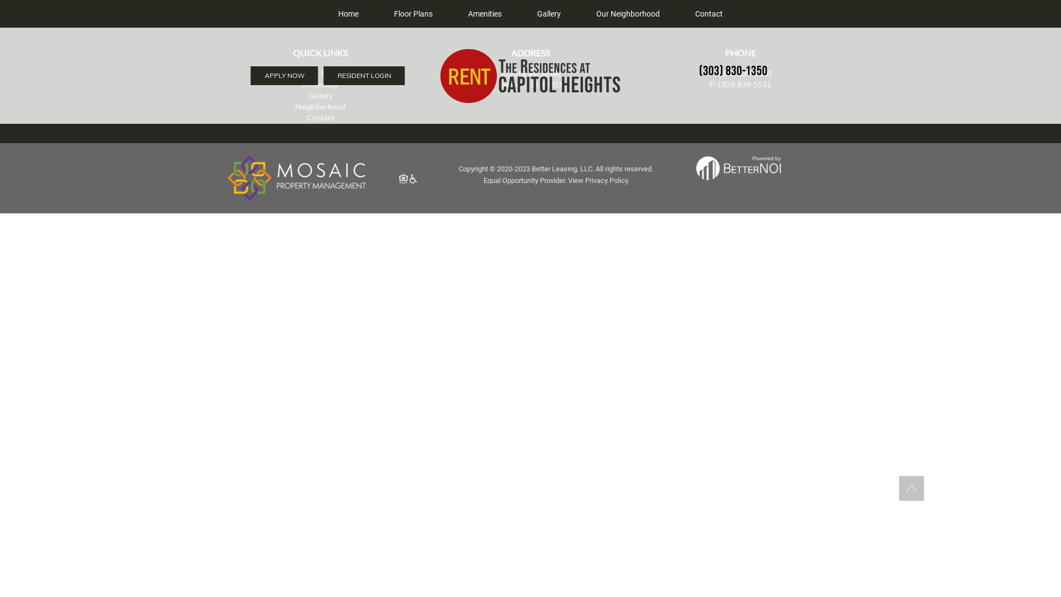  I want to click on 'Neighborhood', so click(319, 106).